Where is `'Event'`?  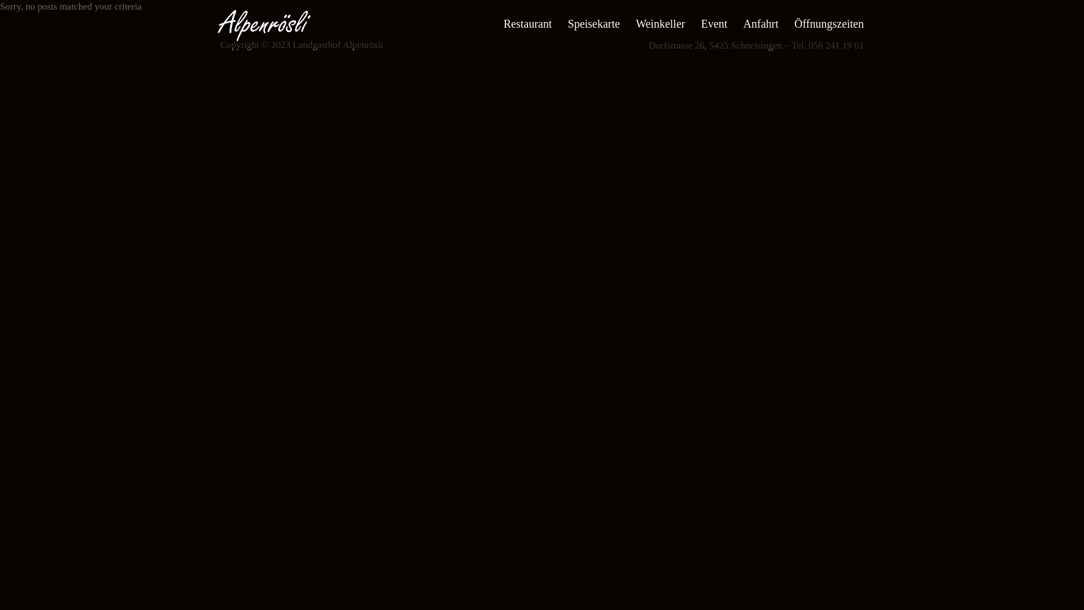
'Event' is located at coordinates (714, 24).